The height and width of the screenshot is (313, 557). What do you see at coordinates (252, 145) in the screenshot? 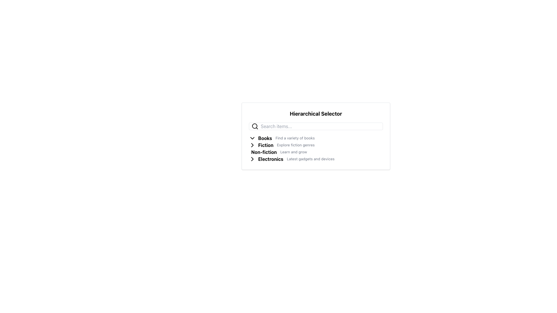
I see `the right-facing chevron arrow icon located to the left of the text 'Fiction', which indicates a collapsible menu item in a hierarchical list` at bounding box center [252, 145].